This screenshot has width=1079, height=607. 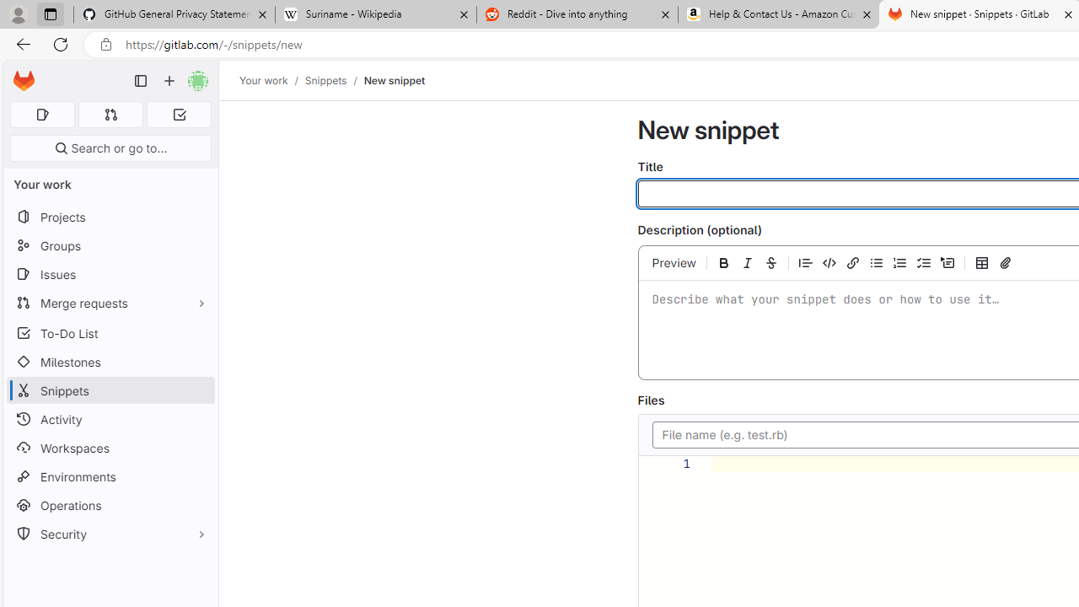 I want to click on 'Preview', so click(x=674, y=262).